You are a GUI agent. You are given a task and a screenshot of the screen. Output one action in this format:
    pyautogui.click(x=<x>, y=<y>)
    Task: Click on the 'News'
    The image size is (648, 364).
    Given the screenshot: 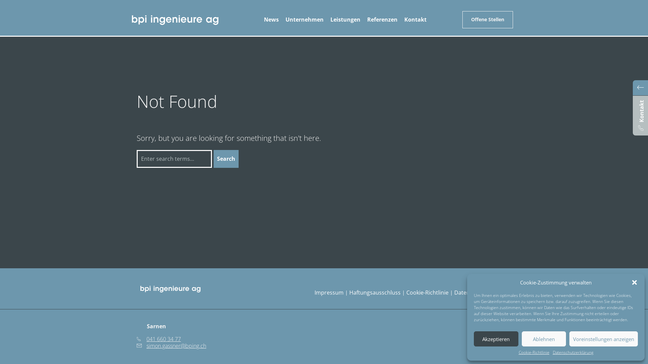 What is the action you would take?
    pyautogui.click(x=271, y=19)
    